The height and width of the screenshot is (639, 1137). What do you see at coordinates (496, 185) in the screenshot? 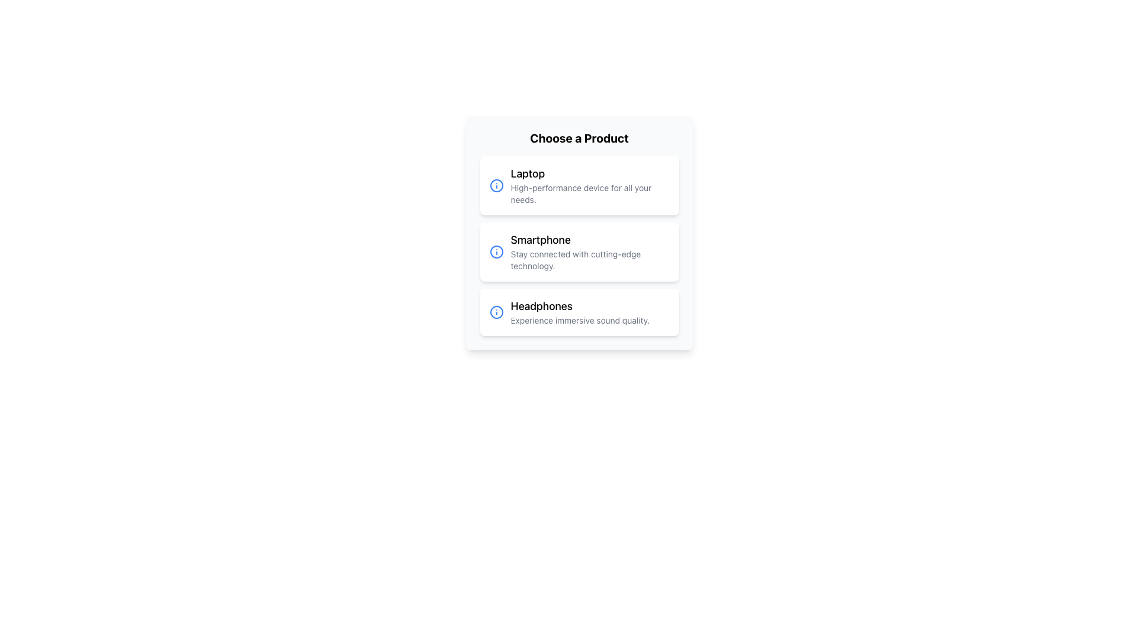
I see `the circular blue stroke icon representing additional information for the product 'Laptop' located at the beginning of its card` at bounding box center [496, 185].